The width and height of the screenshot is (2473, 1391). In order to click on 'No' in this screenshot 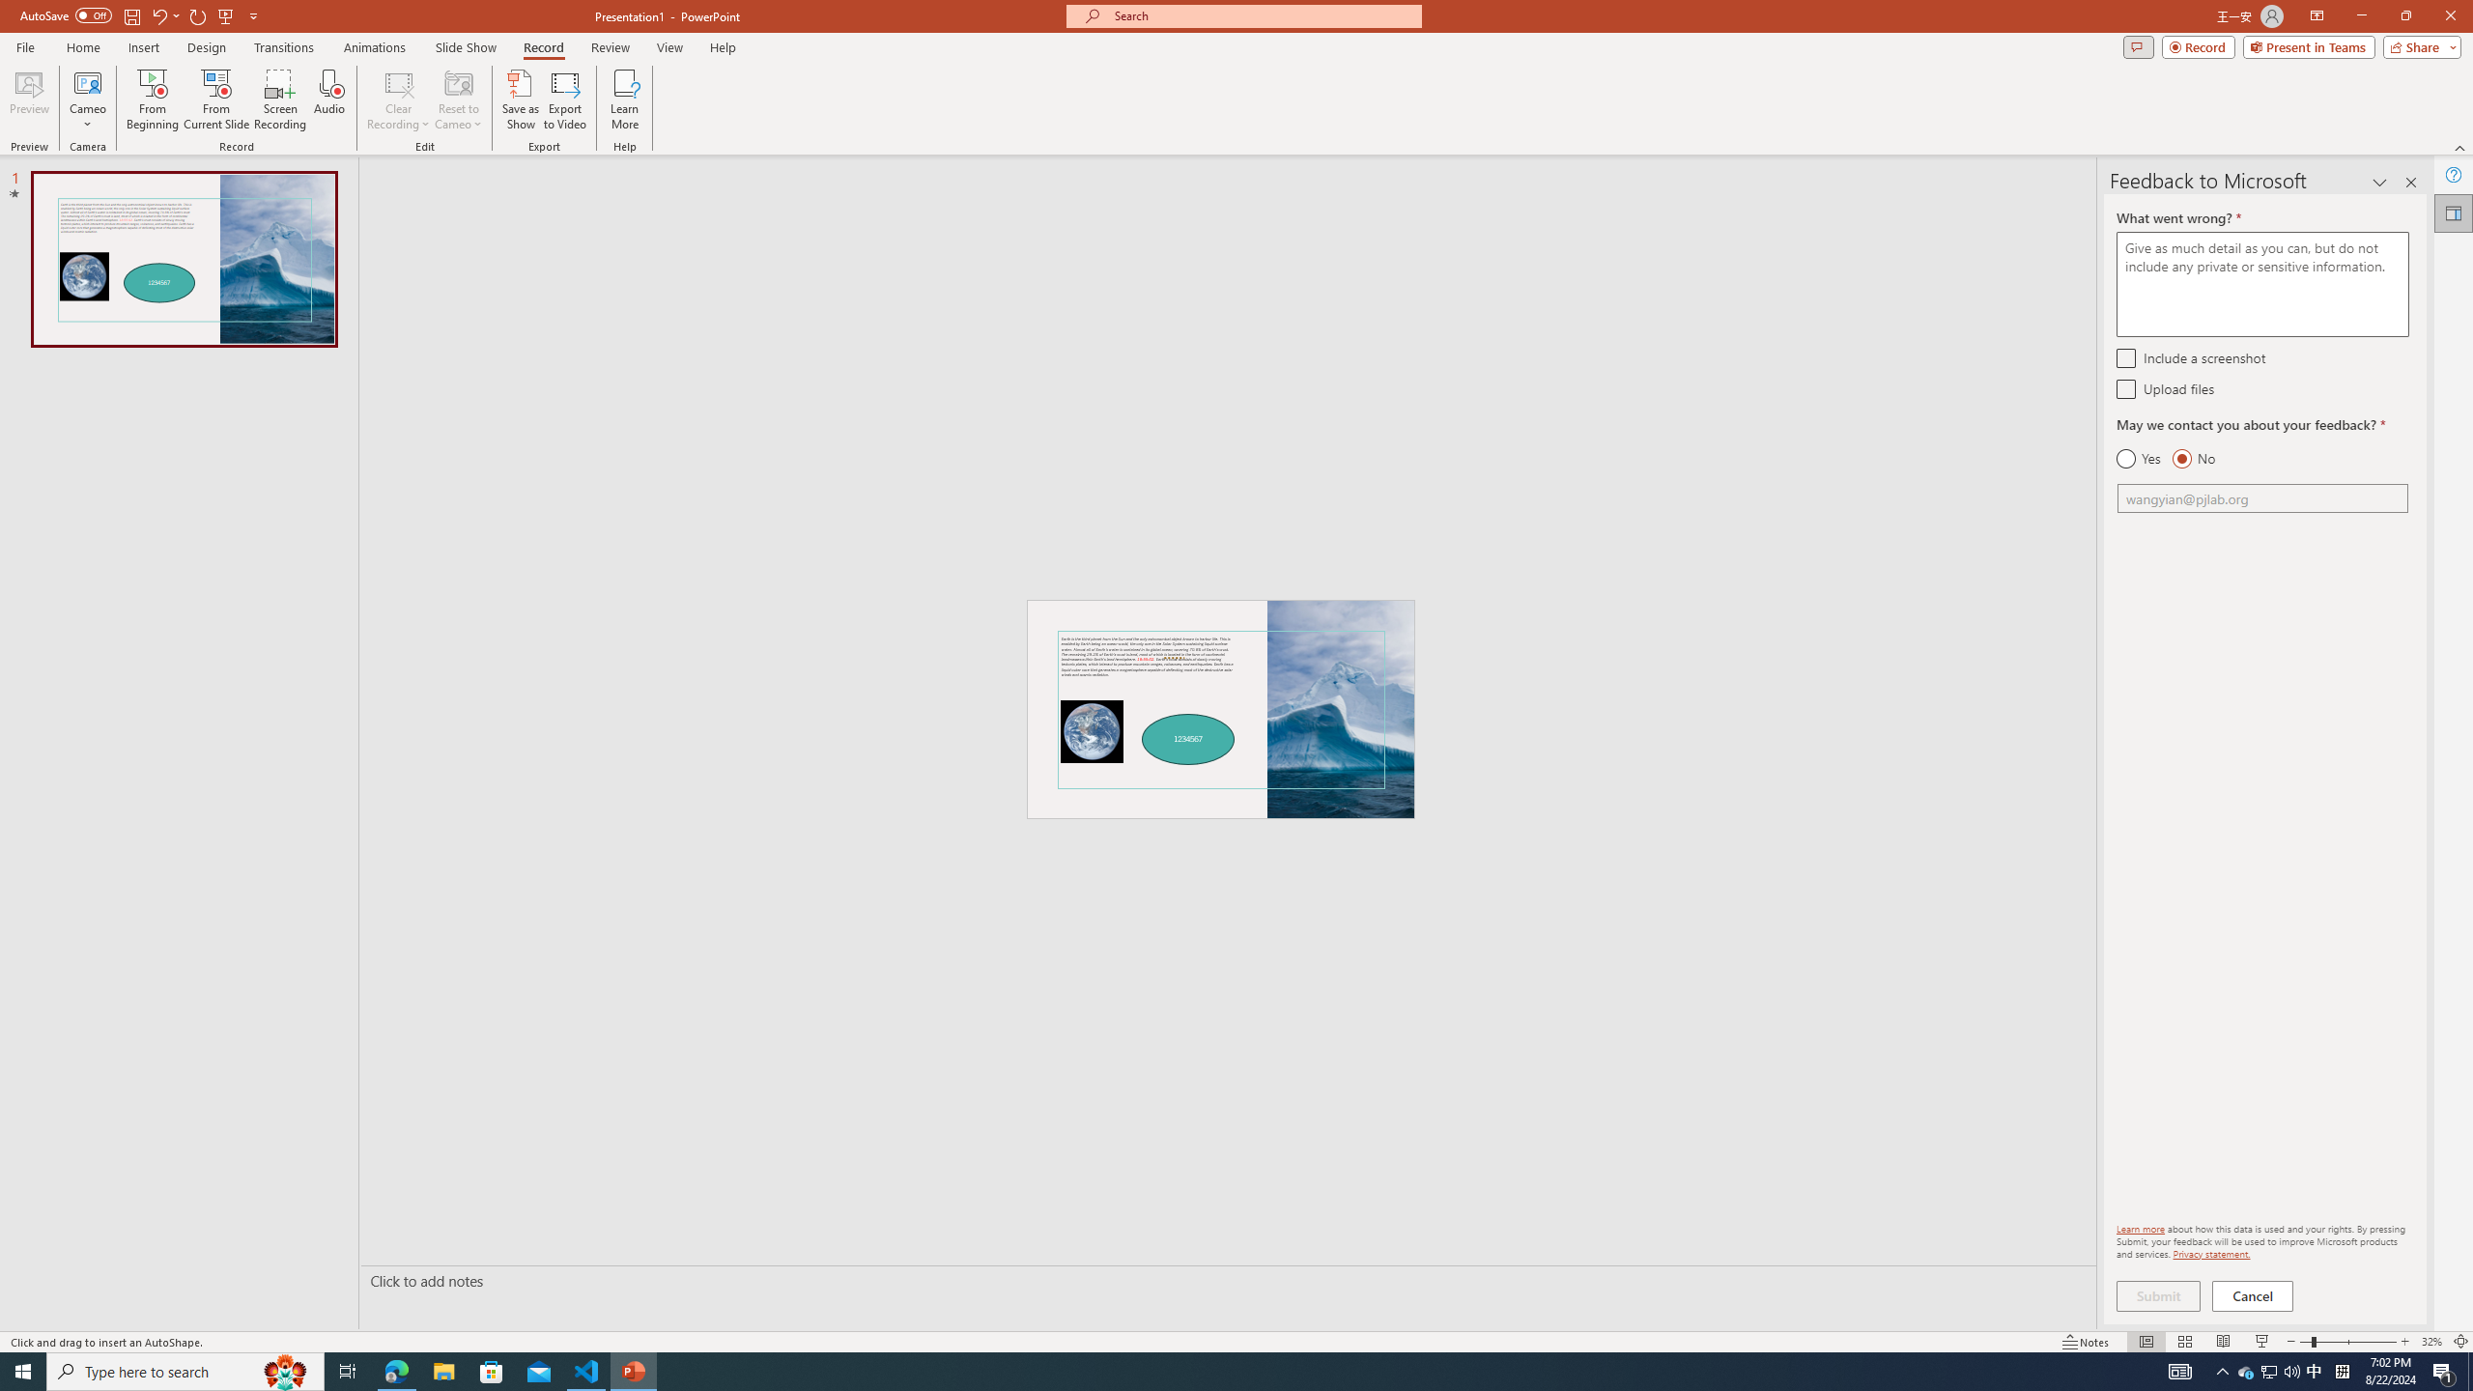, I will do `click(2193, 458)`.